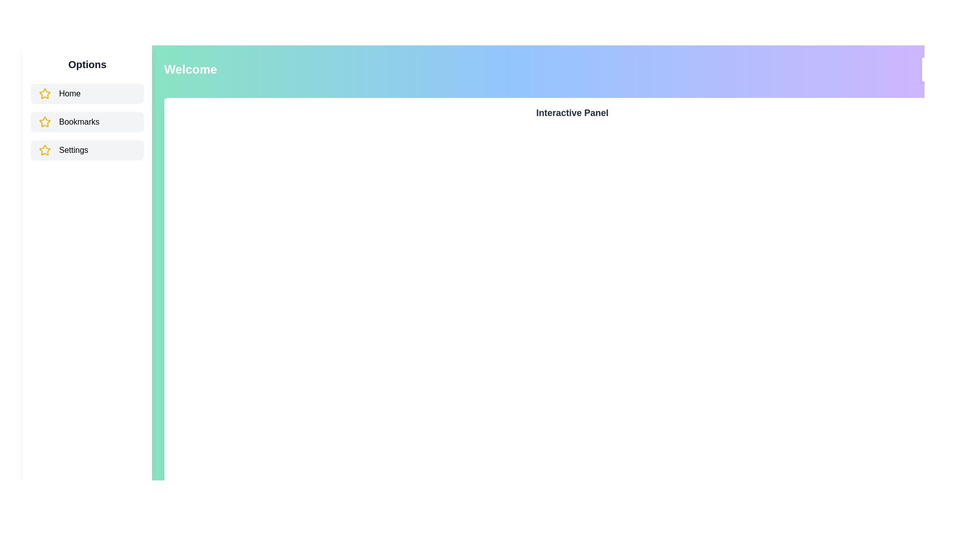 The image size is (970, 545). What do you see at coordinates (44, 93) in the screenshot?
I see `the 'Home' icon` at bounding box center [44, 93].